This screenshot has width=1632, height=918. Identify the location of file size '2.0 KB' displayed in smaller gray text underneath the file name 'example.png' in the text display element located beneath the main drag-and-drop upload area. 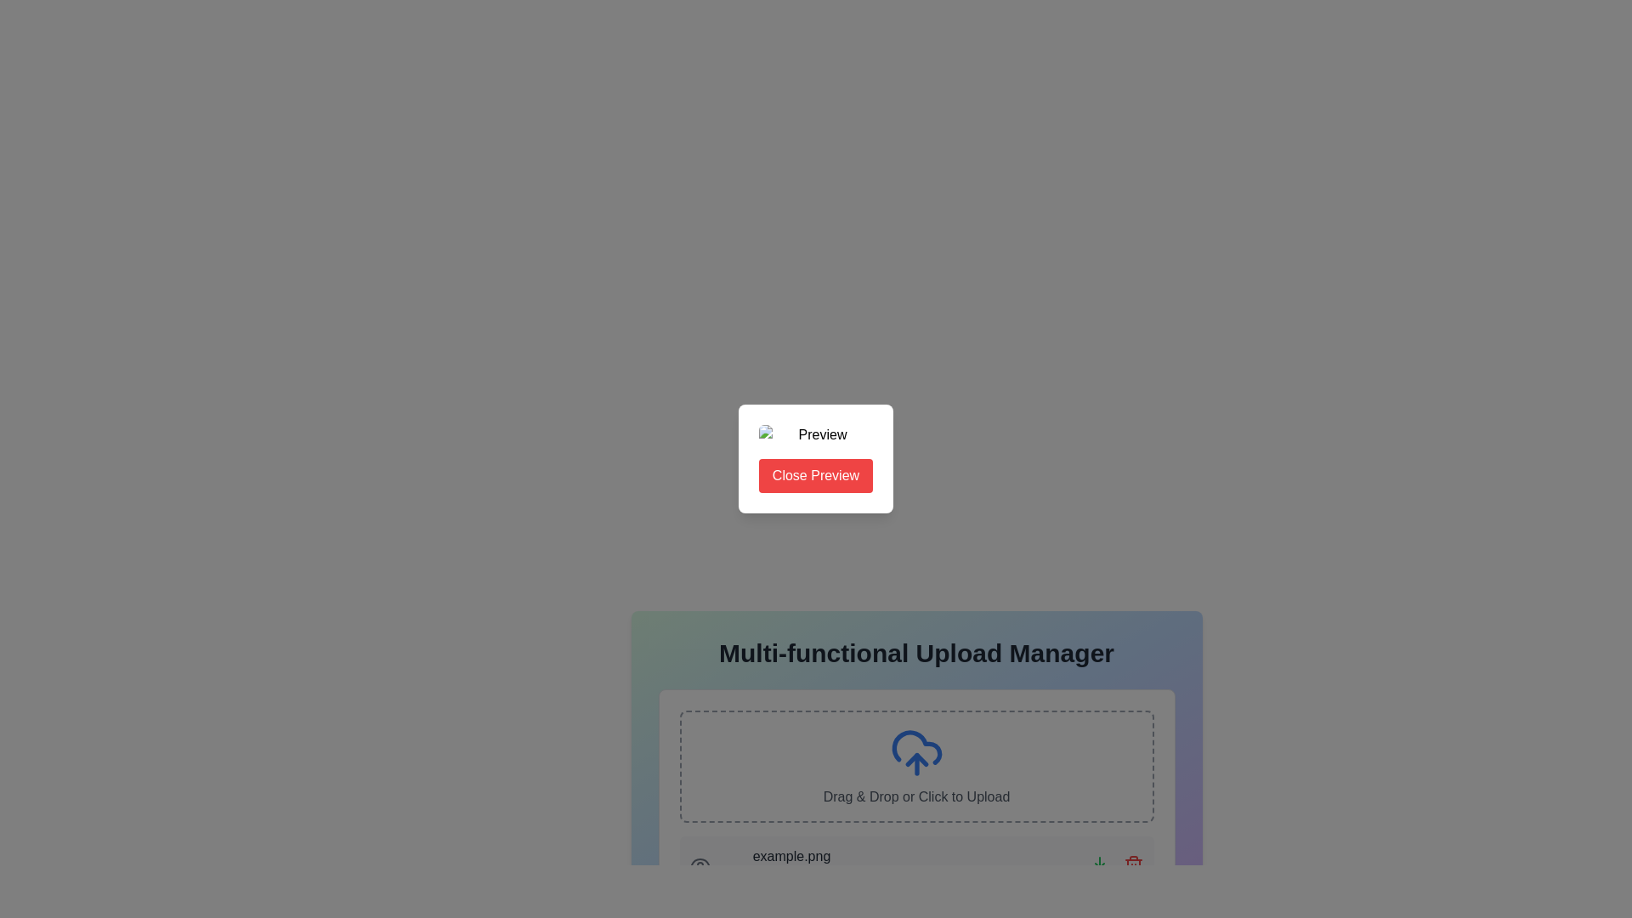
(790, 865).